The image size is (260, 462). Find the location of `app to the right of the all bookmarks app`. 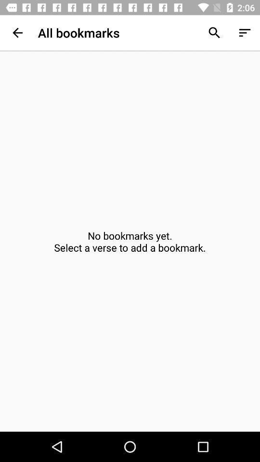

app to the right of the all bookmarks app is located at coordinates (214, 33).